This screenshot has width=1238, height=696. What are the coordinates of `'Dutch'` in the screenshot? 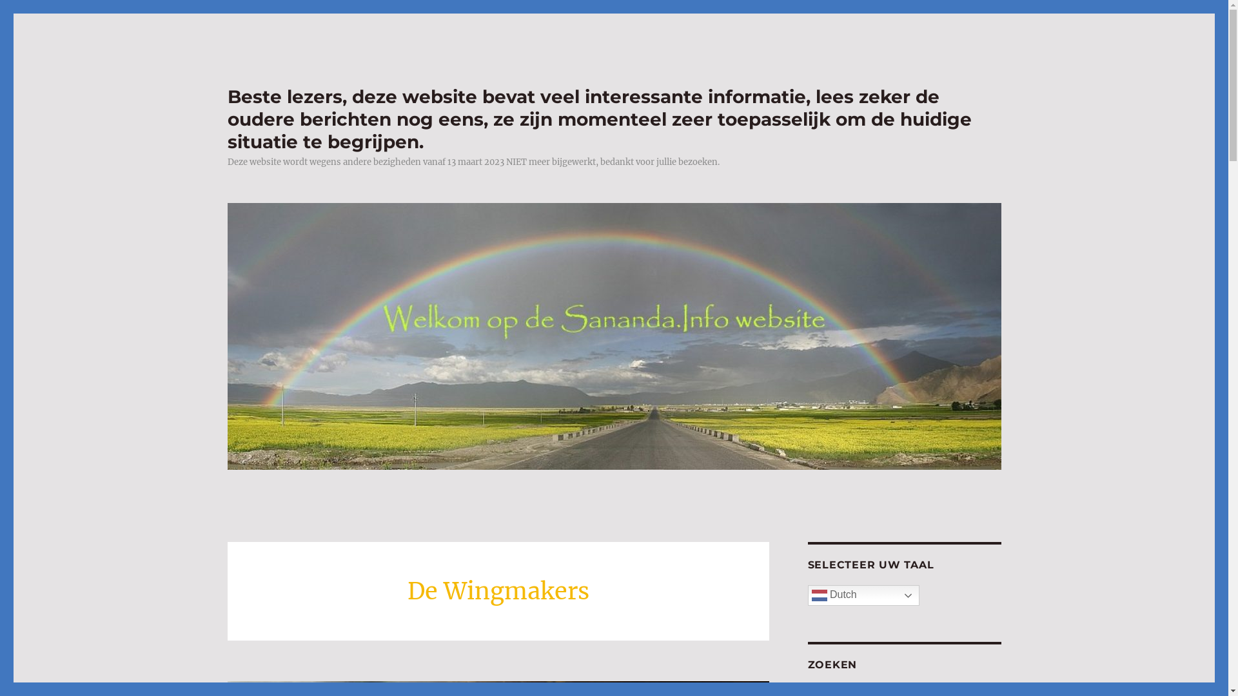 It's located at (863, 595).